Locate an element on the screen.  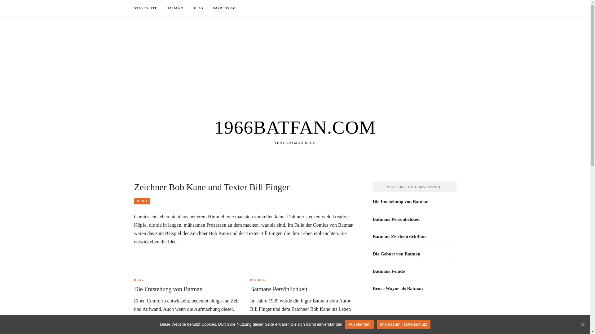
'Skip to content' is located at coordinates (0, 0).